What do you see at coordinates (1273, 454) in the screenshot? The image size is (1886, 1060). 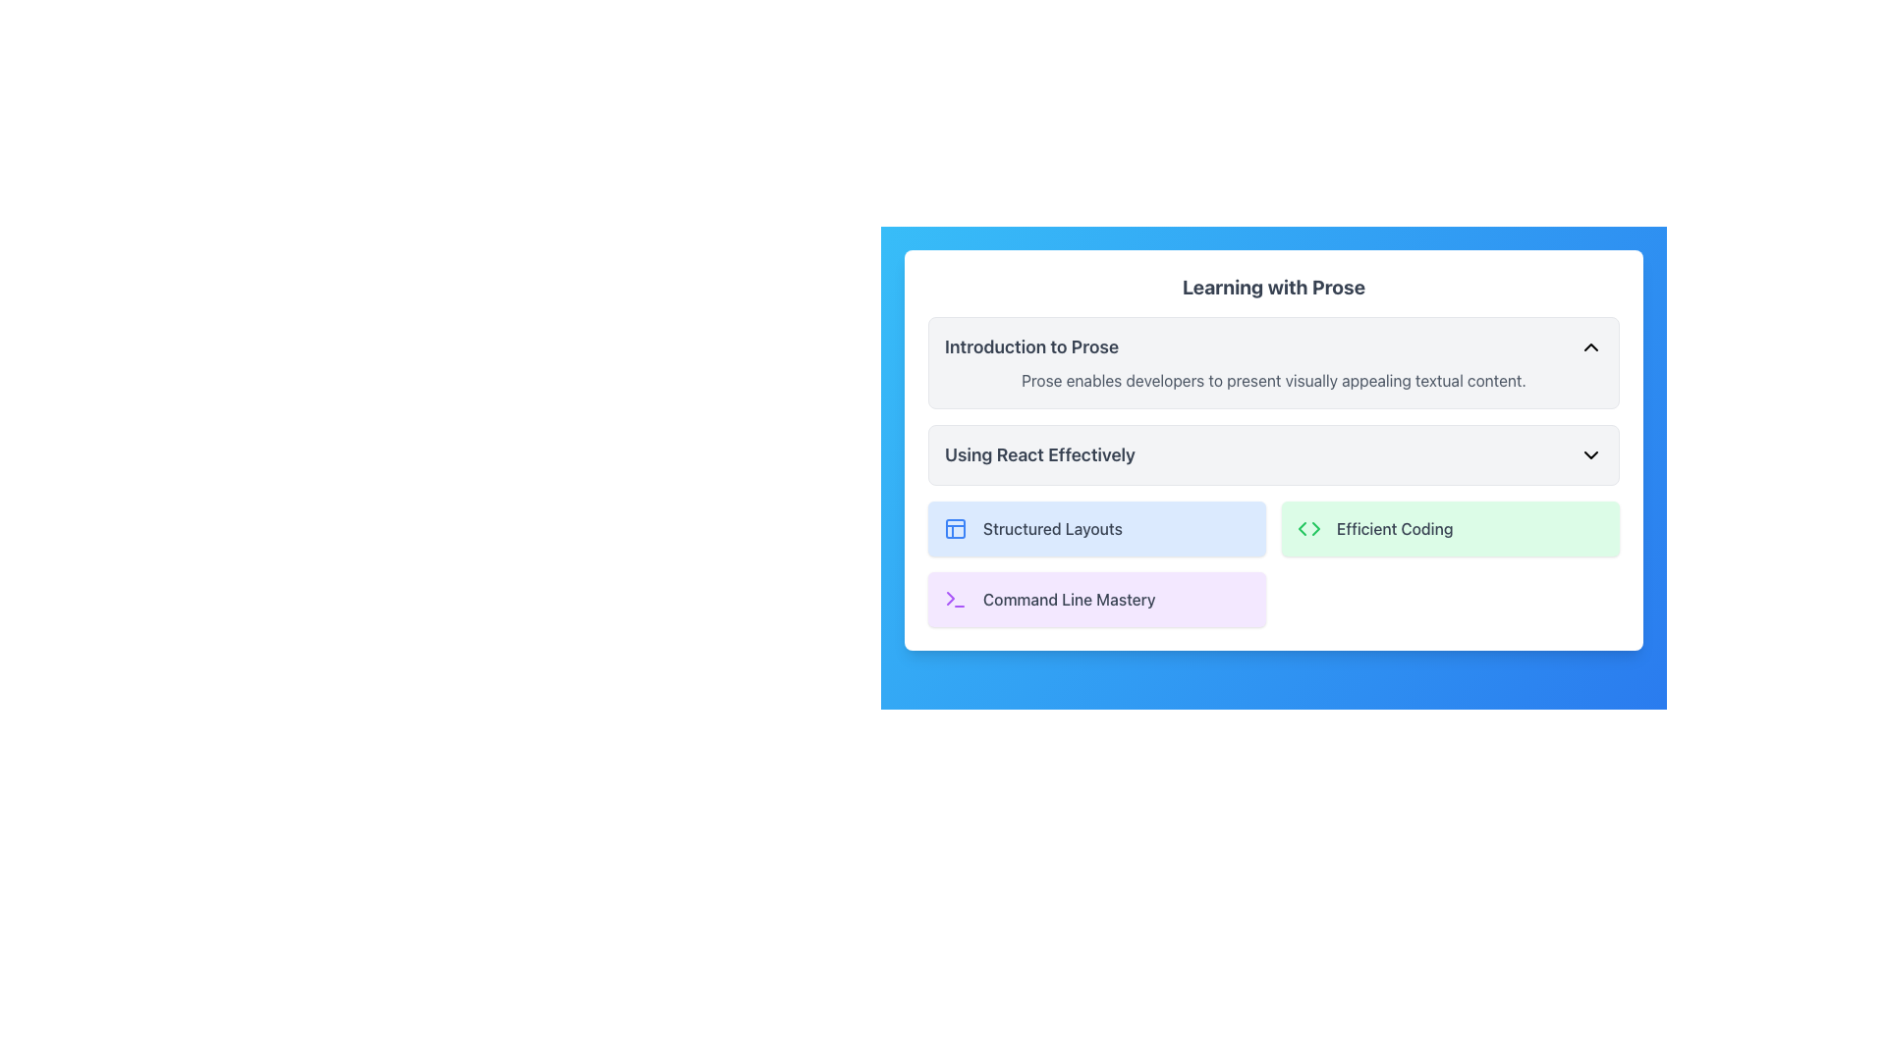 I see `the dropdown menu button located in the center column, second element beneath the 'Introduction to Prose' section` at bounding box center [1273, 454].